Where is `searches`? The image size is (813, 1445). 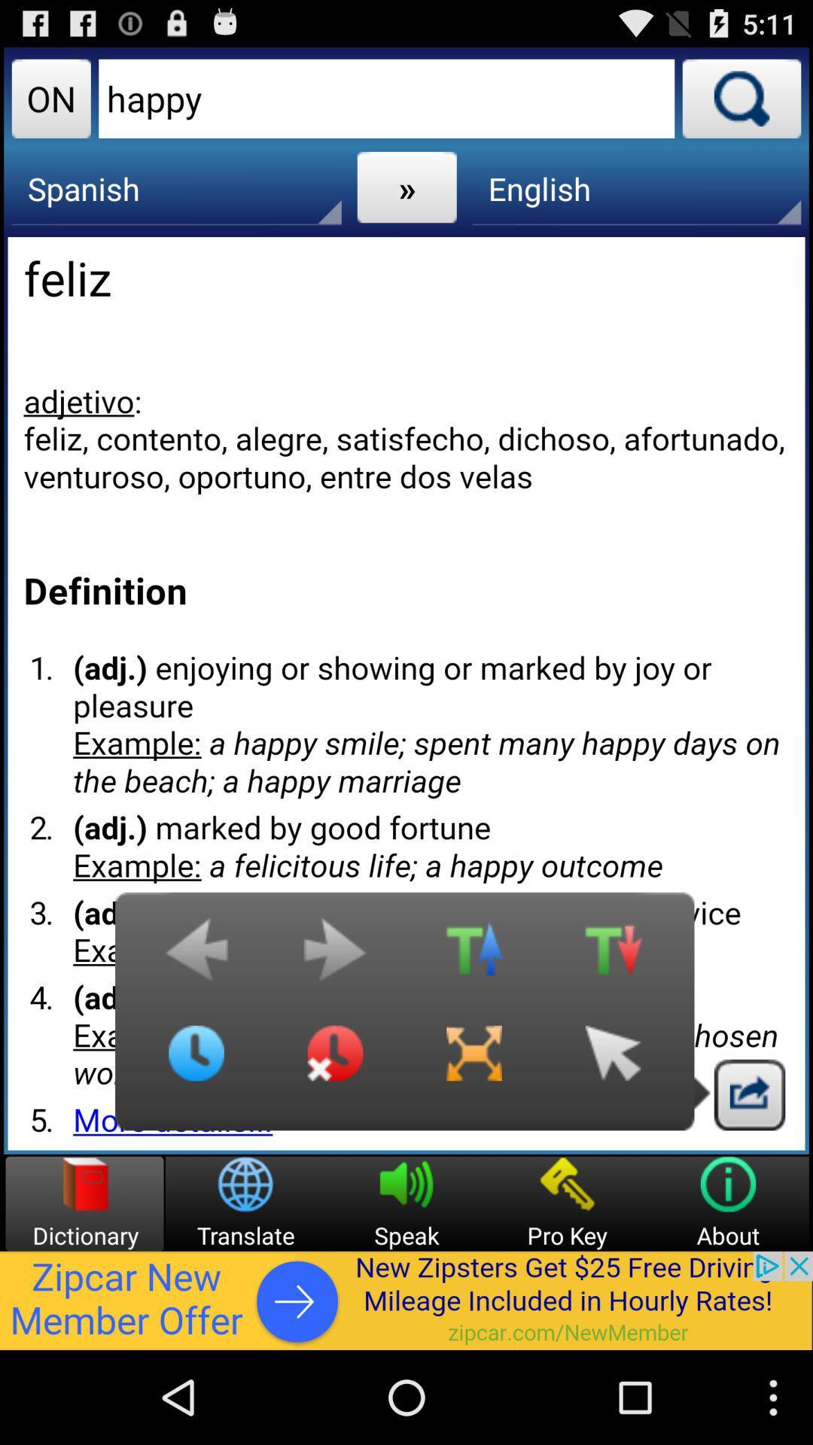 searches is located at coordinates (741, 98).